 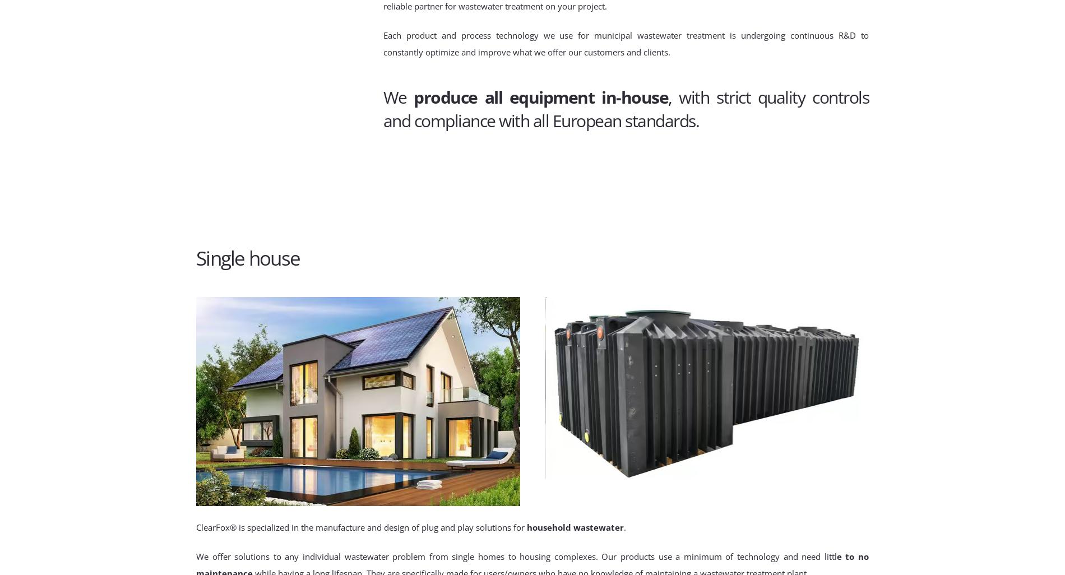 I want to click on 'ClearFox® is specialized in the manufacture and design of plug and play solutions for', so click(x=362, y=527).